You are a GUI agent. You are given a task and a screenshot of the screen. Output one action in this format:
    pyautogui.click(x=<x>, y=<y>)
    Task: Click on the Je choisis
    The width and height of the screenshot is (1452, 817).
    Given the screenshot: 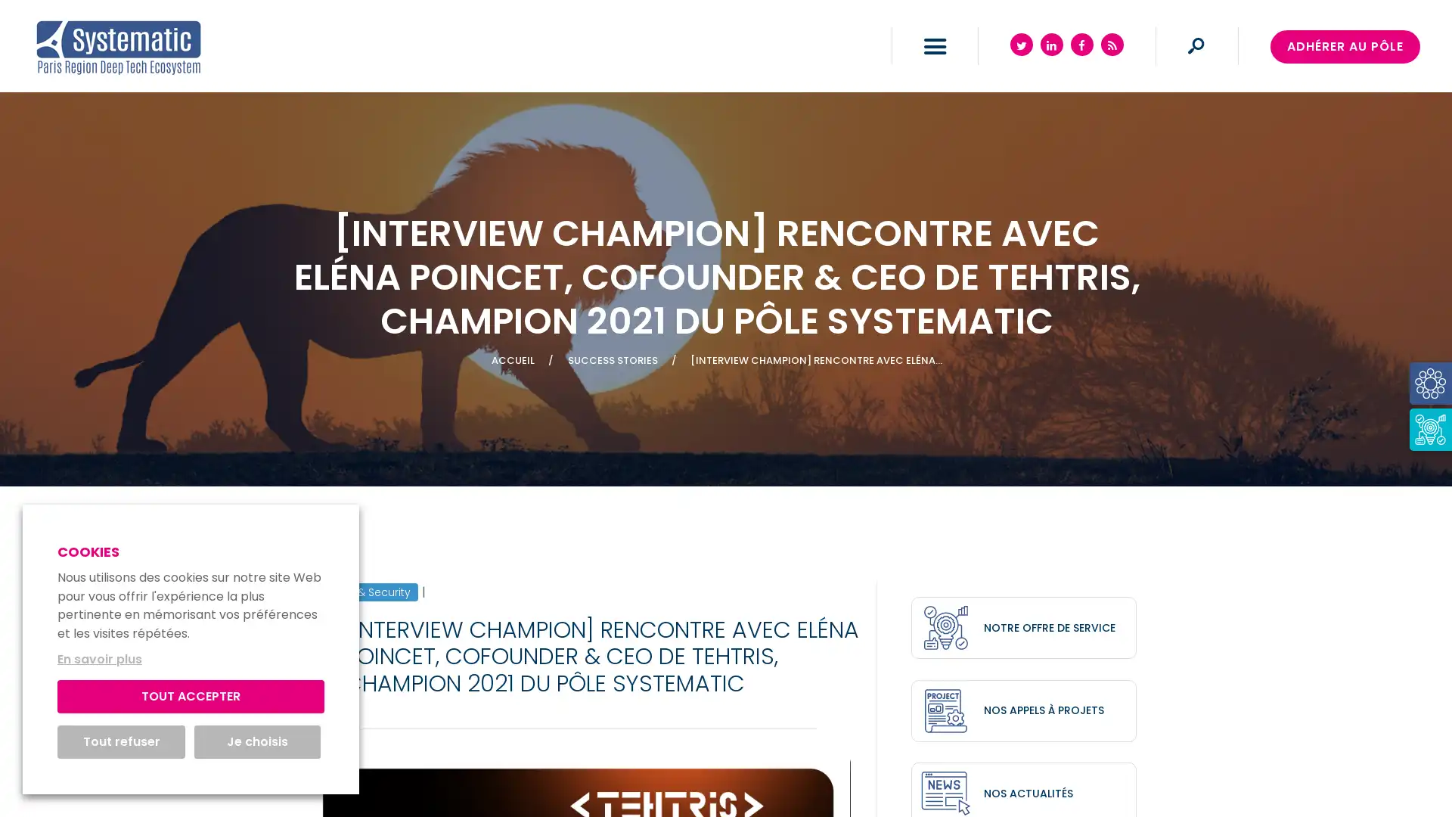 What is the action you would take?
    pyautogui.click(x=257, y=741)
    